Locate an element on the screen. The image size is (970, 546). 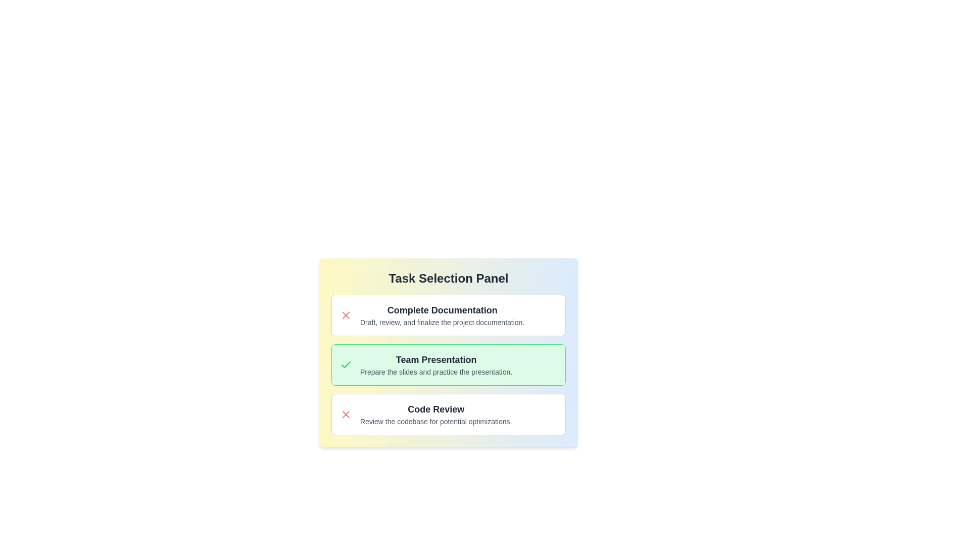
instructional text label located below the 'Team Presentation' heading within the green-highlighted box is located at coordinates (436, 372).